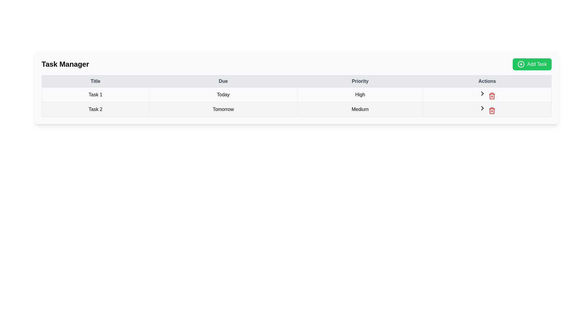  Describe the element at coordinates (482, 93) in the screenshot. I see `the chevron icon in the 'Actions' column of the task list for 'Task 2' to trigger a tooltip or visual feedback` at that location.